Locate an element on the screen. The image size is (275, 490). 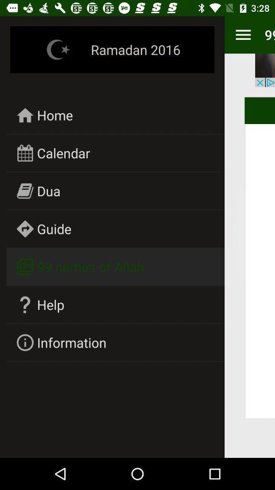
the help is located at coordinates (50, 304).